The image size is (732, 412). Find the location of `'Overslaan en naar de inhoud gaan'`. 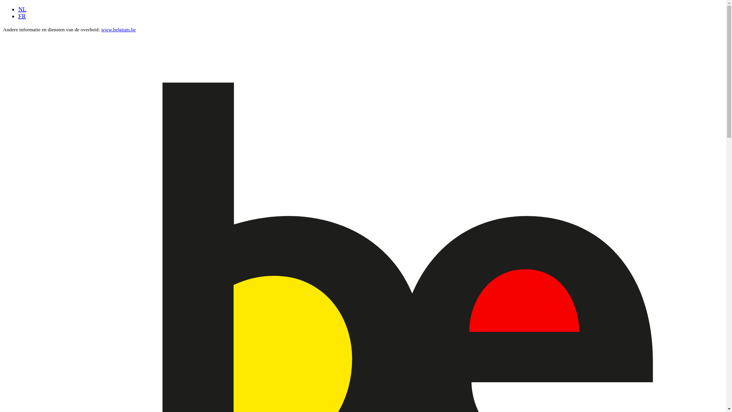

'Overslaan en naar de inhoud gaan' is located at coordinates (3, 6).